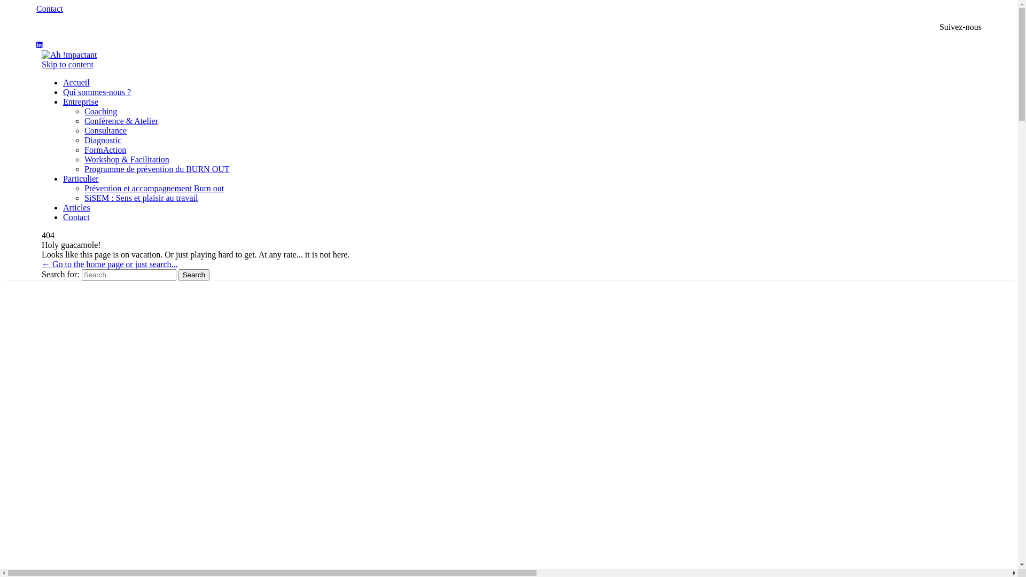 Image resolution: width=1026 pixels, height=577 pixels. I want to click on 'Ah !mpactant', so click(68, 54).